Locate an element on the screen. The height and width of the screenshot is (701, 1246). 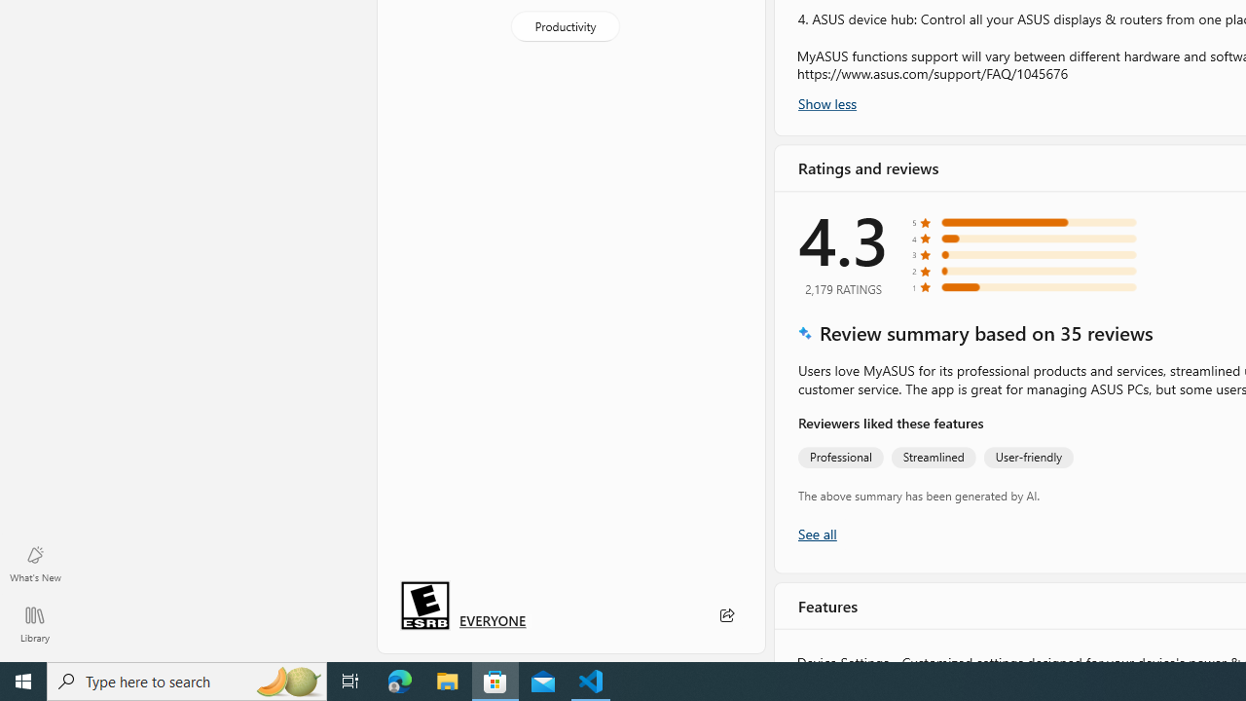
'Share' is located at coordinates (725, 615).